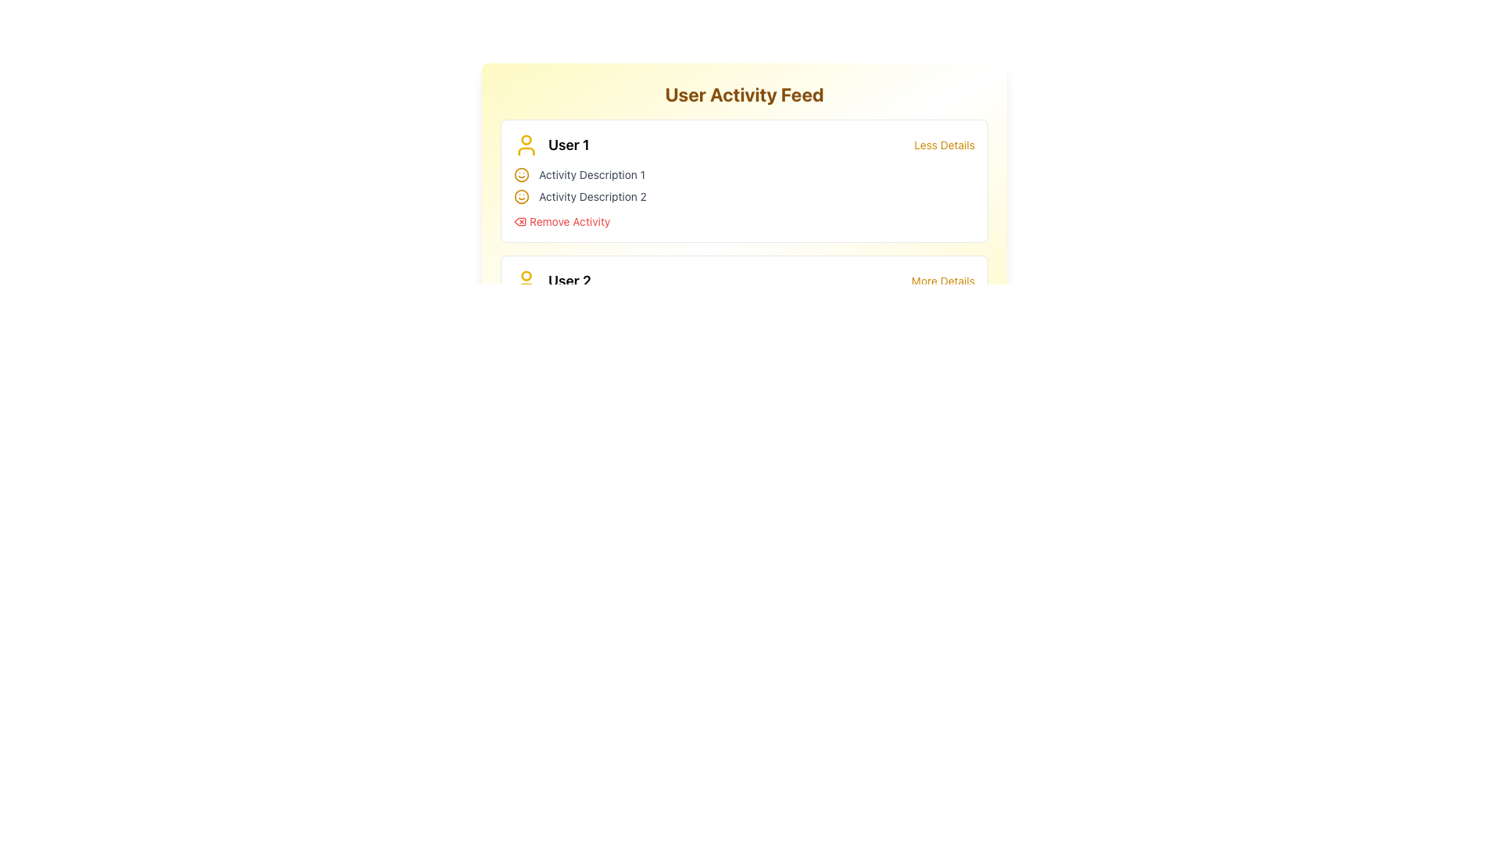 The image size is (1500, 844). I want to click on the 'User 1' label with icon, which is located at the top-left corner of the 'User Activity Feed' section, directly under the section header, so click(552, 145).